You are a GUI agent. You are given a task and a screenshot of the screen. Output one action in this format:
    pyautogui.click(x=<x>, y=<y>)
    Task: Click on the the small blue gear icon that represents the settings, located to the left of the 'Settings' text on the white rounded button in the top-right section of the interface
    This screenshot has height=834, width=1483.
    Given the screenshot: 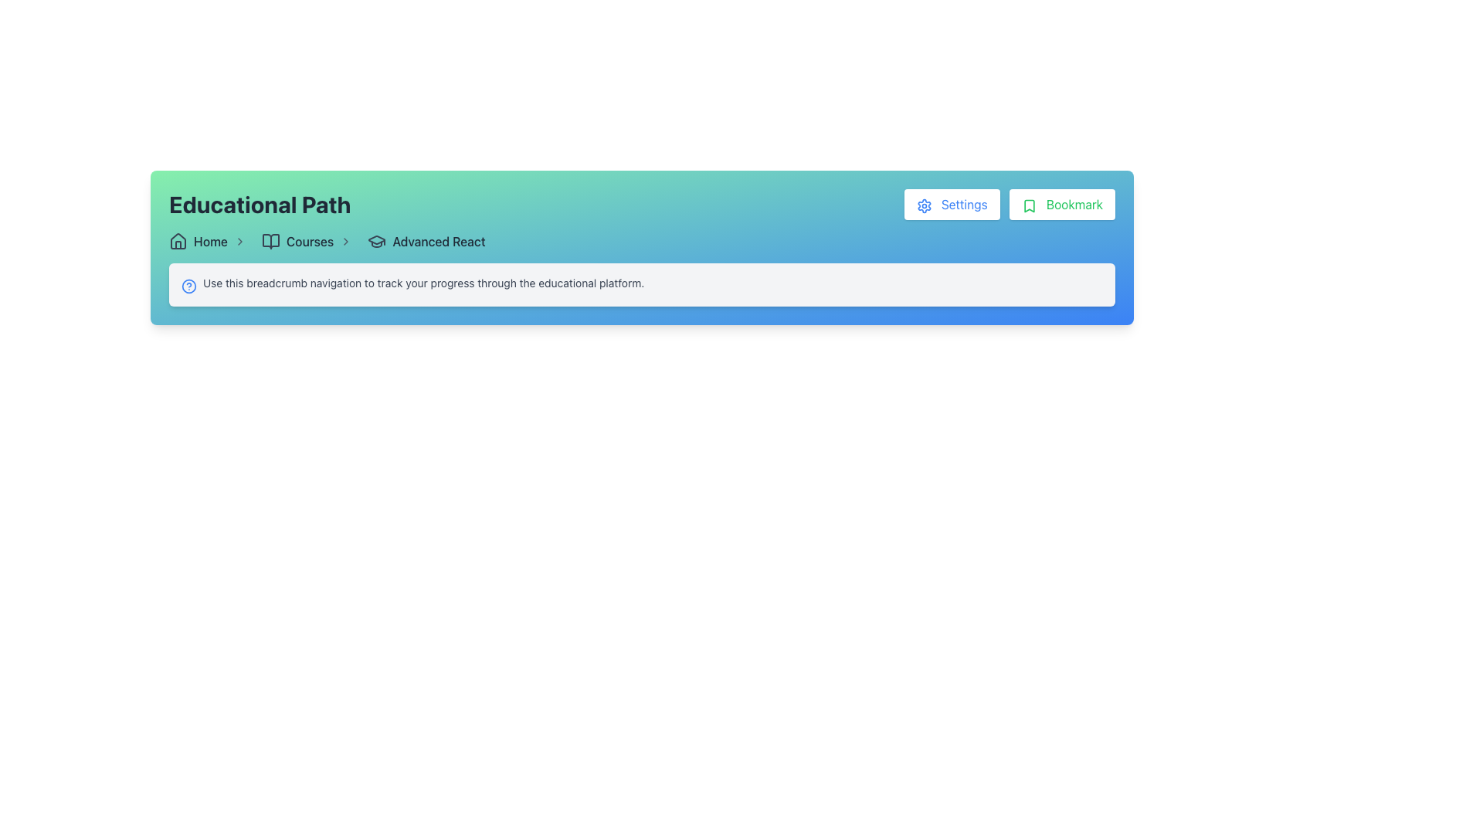 What is the action you would take?
    pyautogui.click(x=924, y=205)
    